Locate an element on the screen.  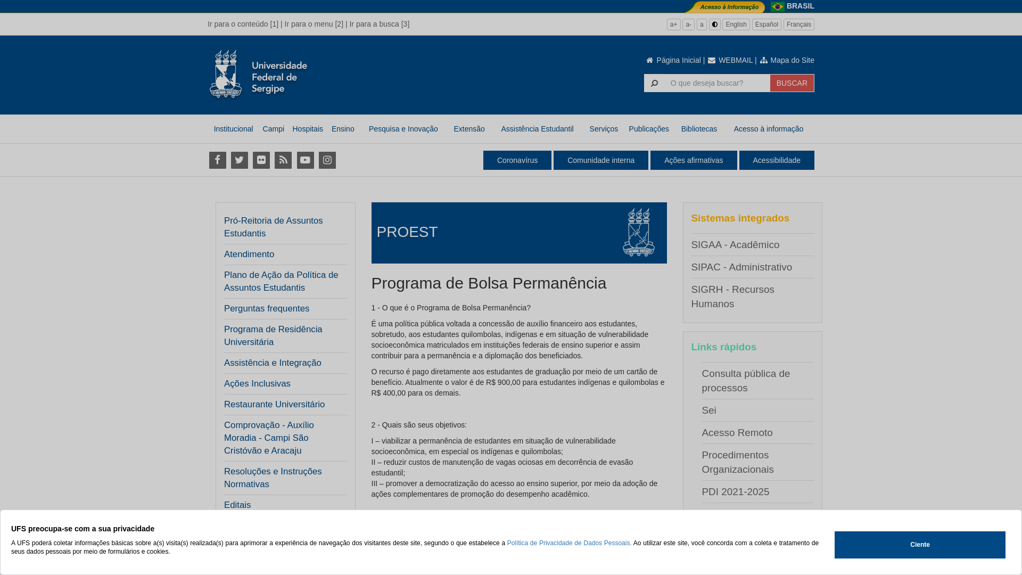
'BRASIL' is located at coordinates (800, 6).